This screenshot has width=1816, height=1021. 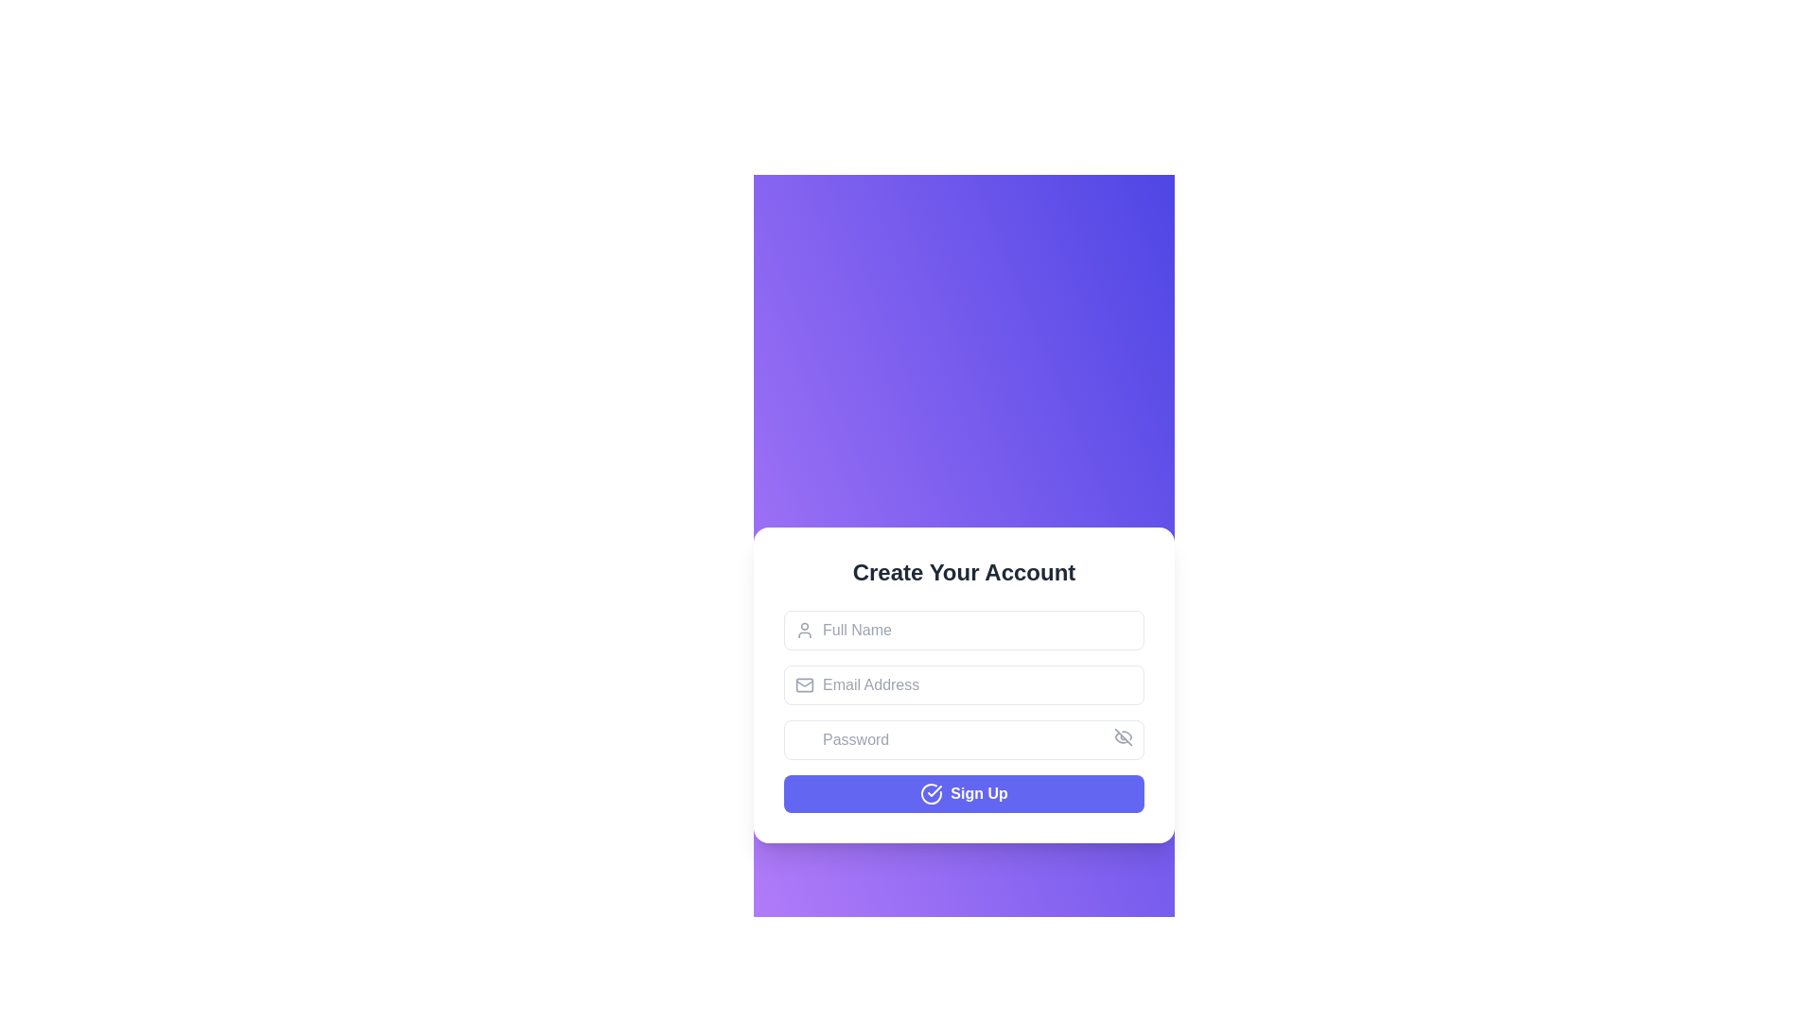 What do you see at coordinates (1124, 735) in the screenshot?
I see `the eye-off icon button adjacent to the password input field` at bounding box center [1124, 735].